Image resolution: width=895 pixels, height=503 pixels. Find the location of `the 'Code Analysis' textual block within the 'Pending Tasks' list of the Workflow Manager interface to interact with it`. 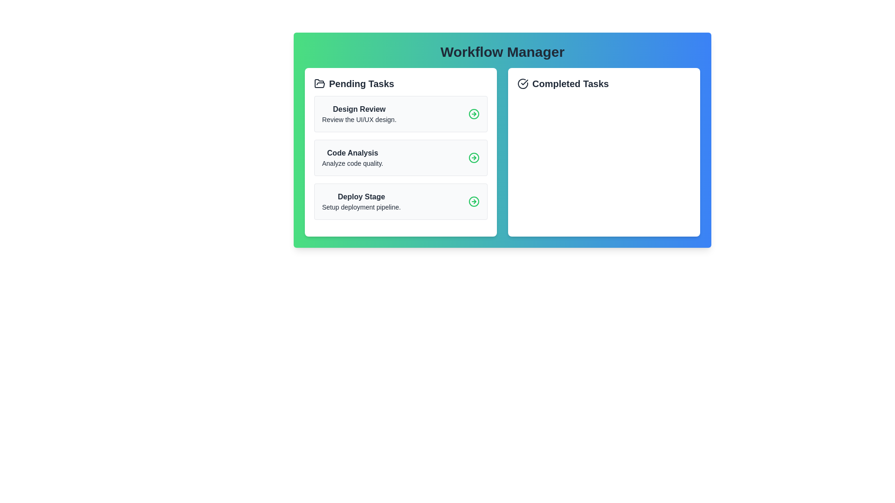

the 'Code Analysis' textual block within the 'Pending Tasks' list of the Workflow Manager interface to interact with it is located at coordinates (352, 157).